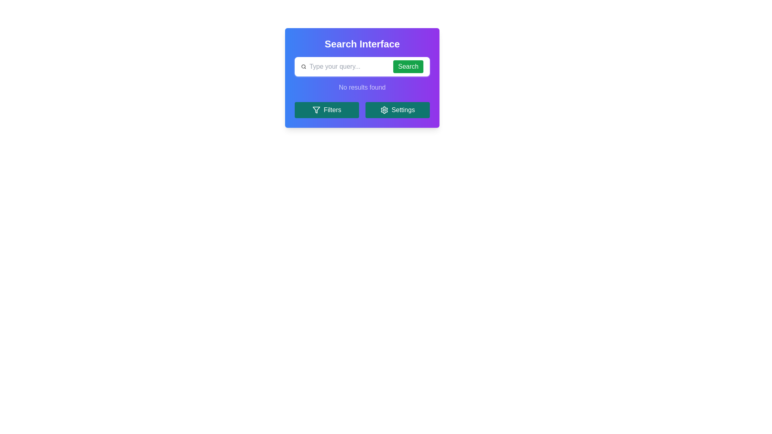  What do you see at coordinates (326, 110) in the screenshot?
I see `the teal-colored 'Filters' button with a filter icon to apply filters` at bounding box center [326, 110].